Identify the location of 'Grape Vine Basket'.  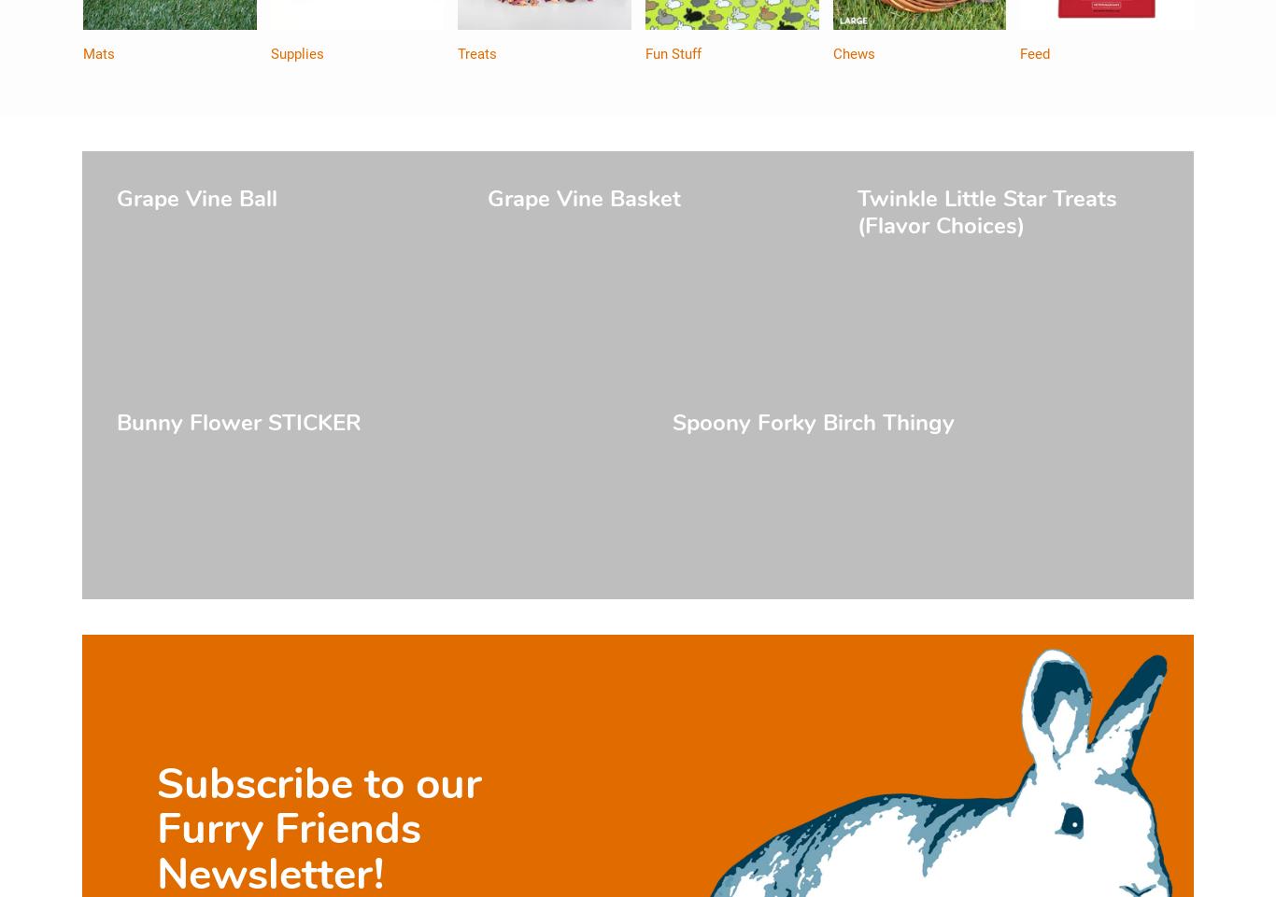
(582, 198).